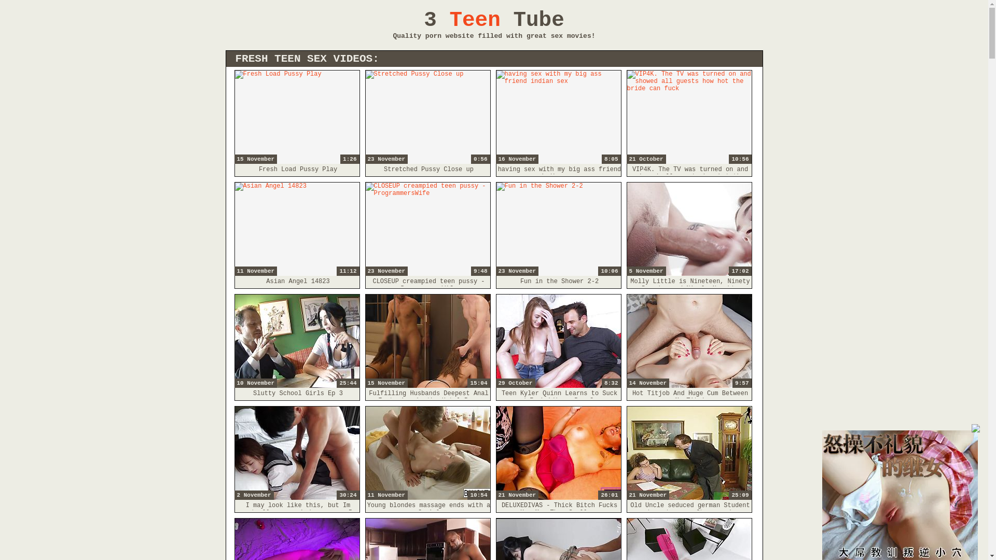 Image resolution: width=996 pixels, height=560 pixels. What do you see at coordinates (233, 229) in the screenshot?
I see `'11:12` at bounding box center [233, 229].